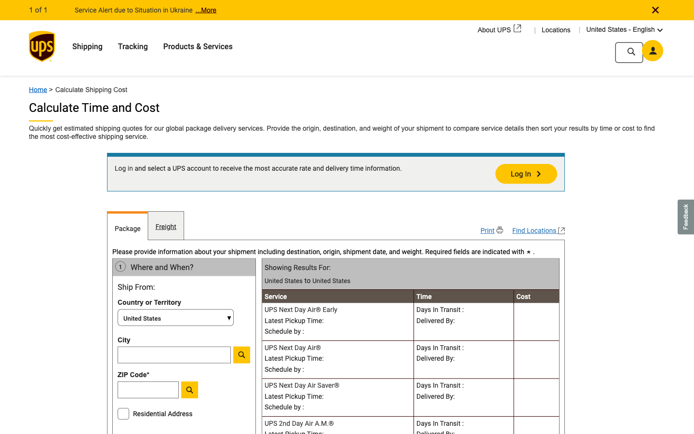  I want to click on Use the copied Zip Code to find the corresponding package, so click(173, 392).